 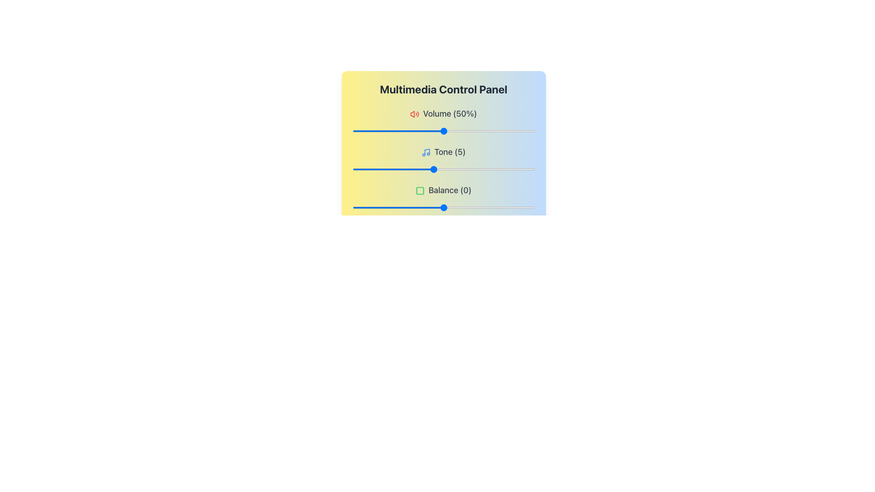 What do you see at coordinates (531, 207) in the screenshot?
I see `balance` at bounding box center [531, 207].